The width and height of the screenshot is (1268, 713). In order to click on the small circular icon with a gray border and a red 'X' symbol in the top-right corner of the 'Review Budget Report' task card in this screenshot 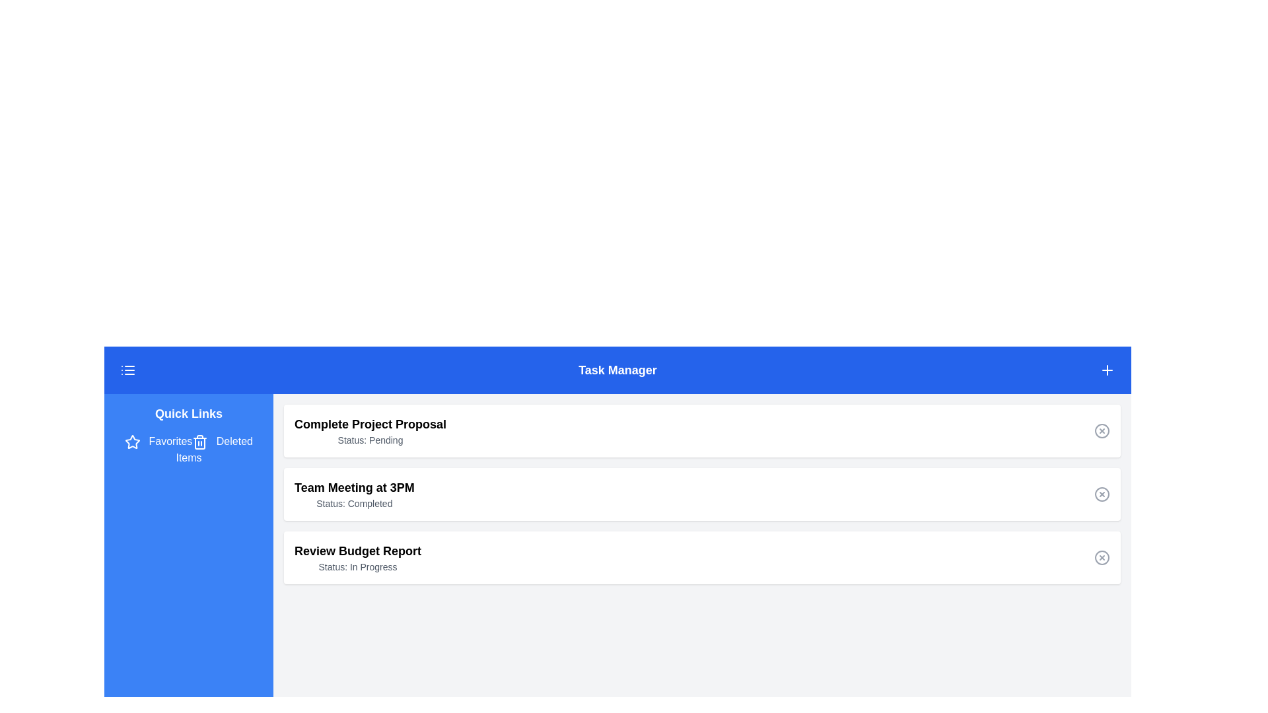, I will do `click(1102, 557)`.